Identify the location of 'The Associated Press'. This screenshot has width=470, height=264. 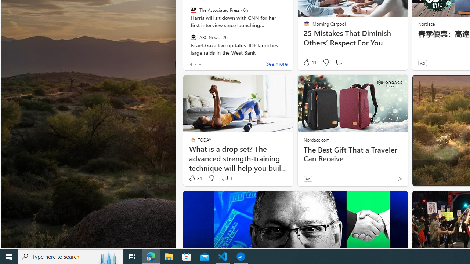
(193, 10).